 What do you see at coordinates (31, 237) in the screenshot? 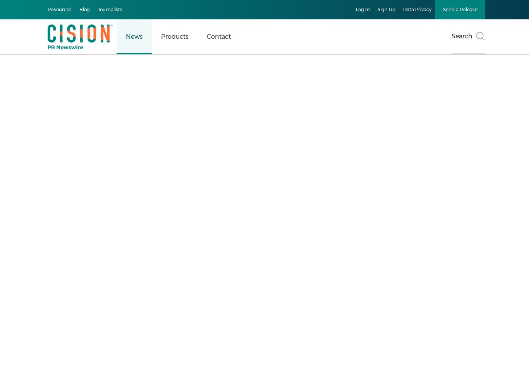
I see `'Energy & Natural Resources'` at bounding box center [31, 237].